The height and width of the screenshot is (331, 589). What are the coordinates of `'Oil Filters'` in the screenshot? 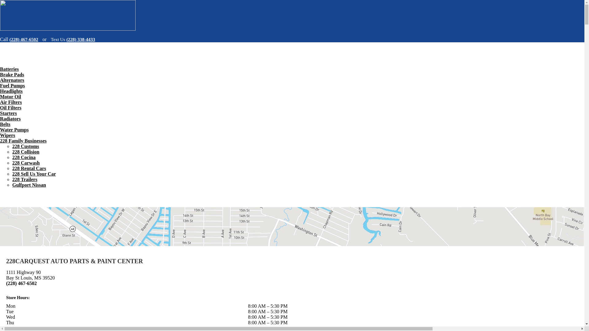 It's located at (10, 107).